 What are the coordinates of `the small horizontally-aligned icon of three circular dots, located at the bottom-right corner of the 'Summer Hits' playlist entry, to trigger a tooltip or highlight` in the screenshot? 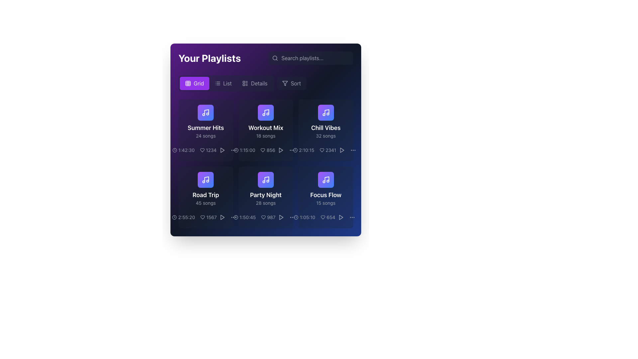 It's located at (233, 150).